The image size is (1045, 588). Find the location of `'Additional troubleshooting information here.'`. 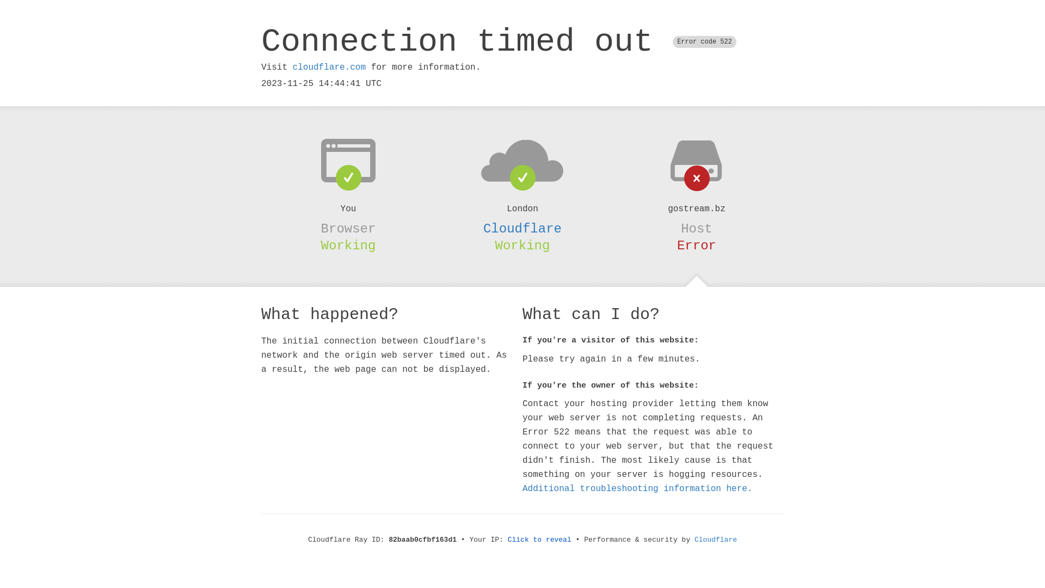

'Additional troubleshooting information here.' is located at coordinates (637, 488).